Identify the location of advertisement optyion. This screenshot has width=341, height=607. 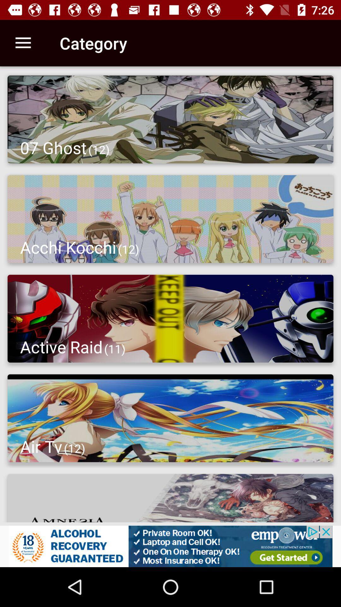
(170, 546).